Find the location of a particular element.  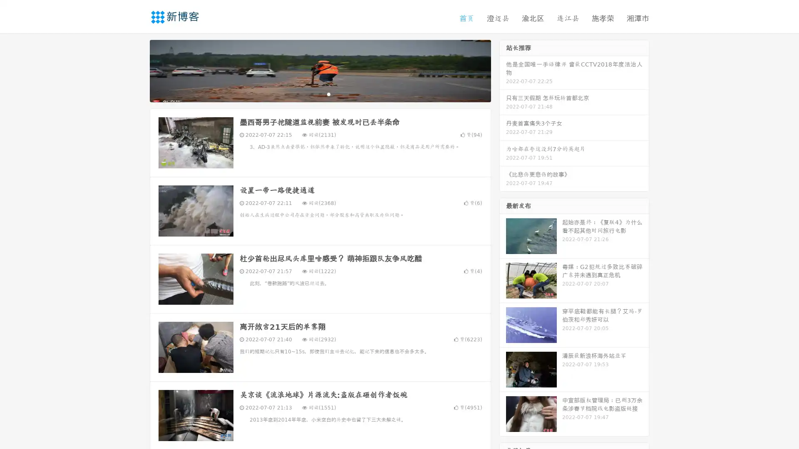

Go to slide 1 is located at coordinates (311, 94).